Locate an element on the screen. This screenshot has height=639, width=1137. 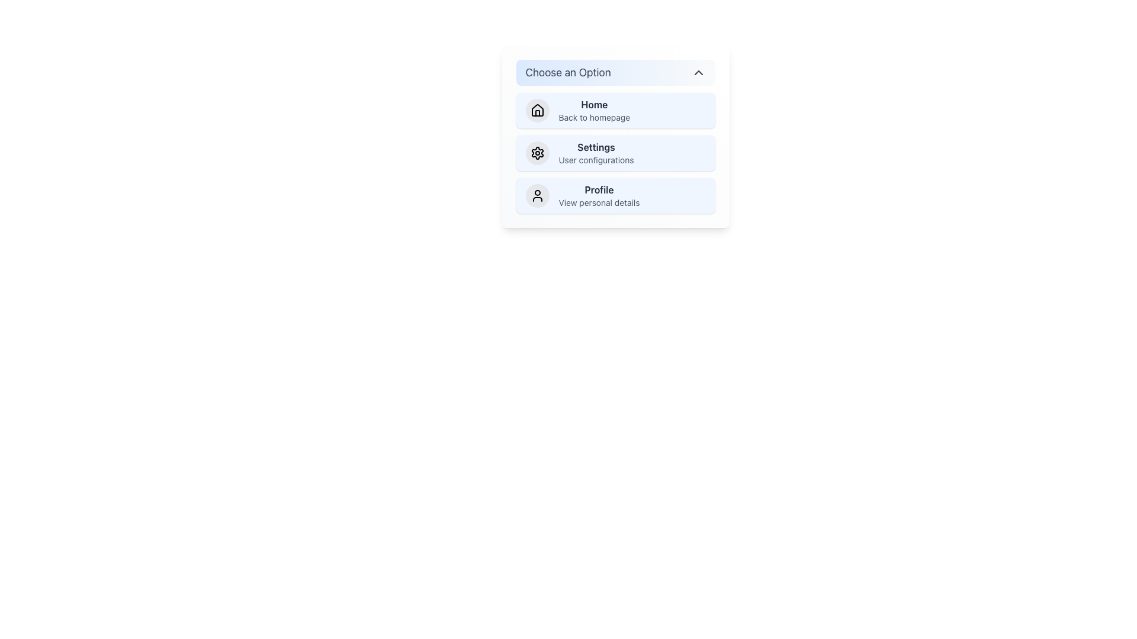
the 'Profile' Text Label which is the third item in the vertical list under 'Choose an Option' is located at coordinates (599, 189).